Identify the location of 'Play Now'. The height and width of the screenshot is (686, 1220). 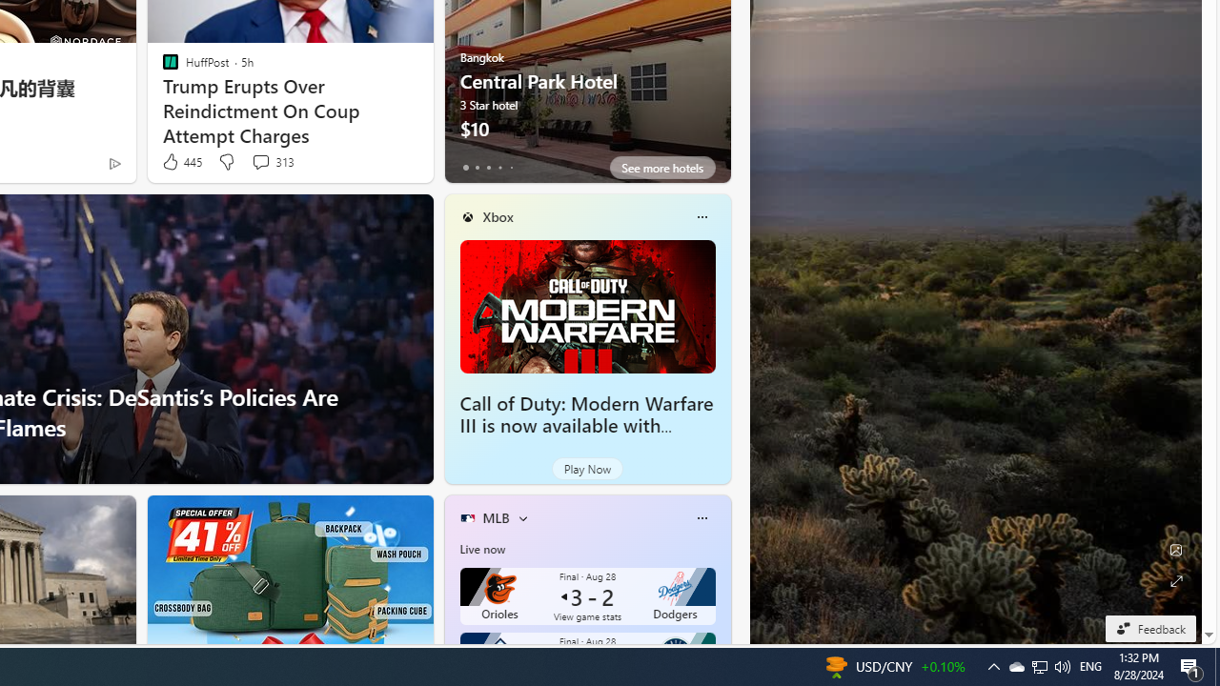
(586, 469).